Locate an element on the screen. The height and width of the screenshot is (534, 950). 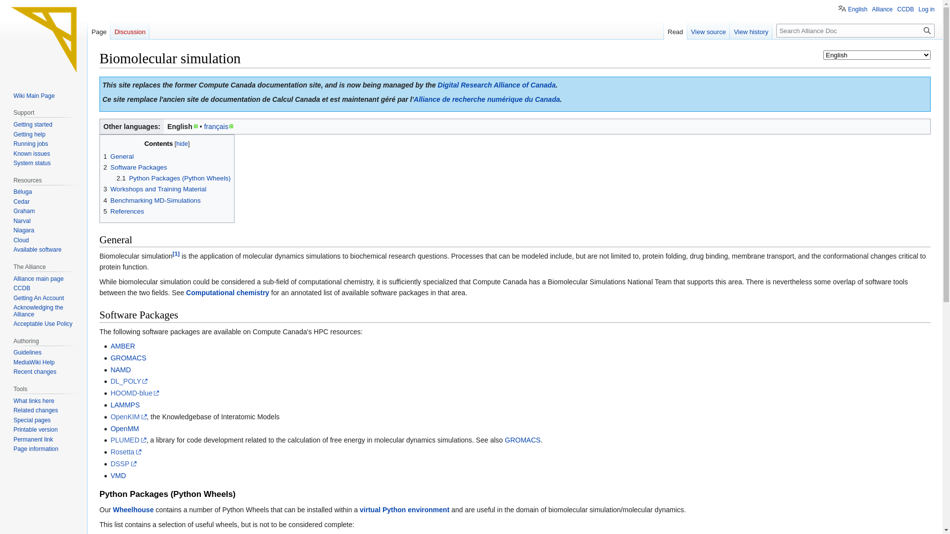
'GROMACS' is located at coordinates (522, 440).